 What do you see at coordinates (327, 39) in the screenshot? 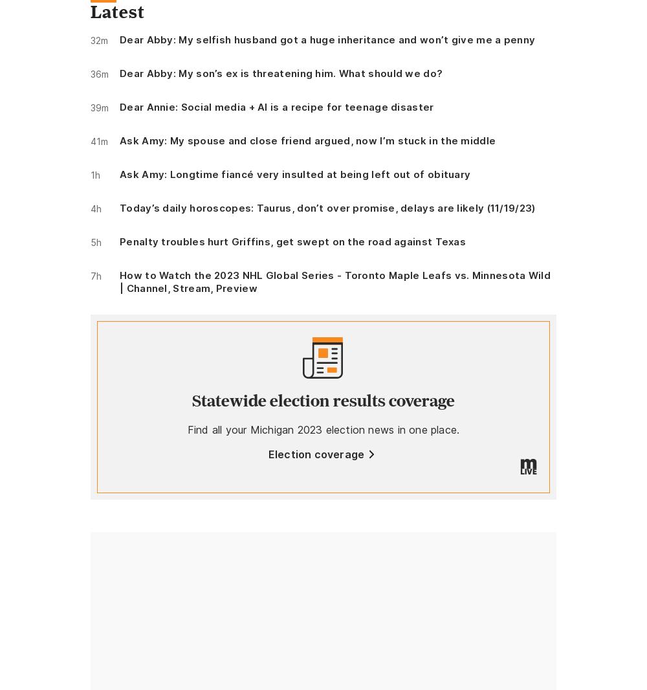
I see `'Dear Abby: My selfish husband got a huge inheritance and won’t give me a penny'` at bounding box center [327, 39].